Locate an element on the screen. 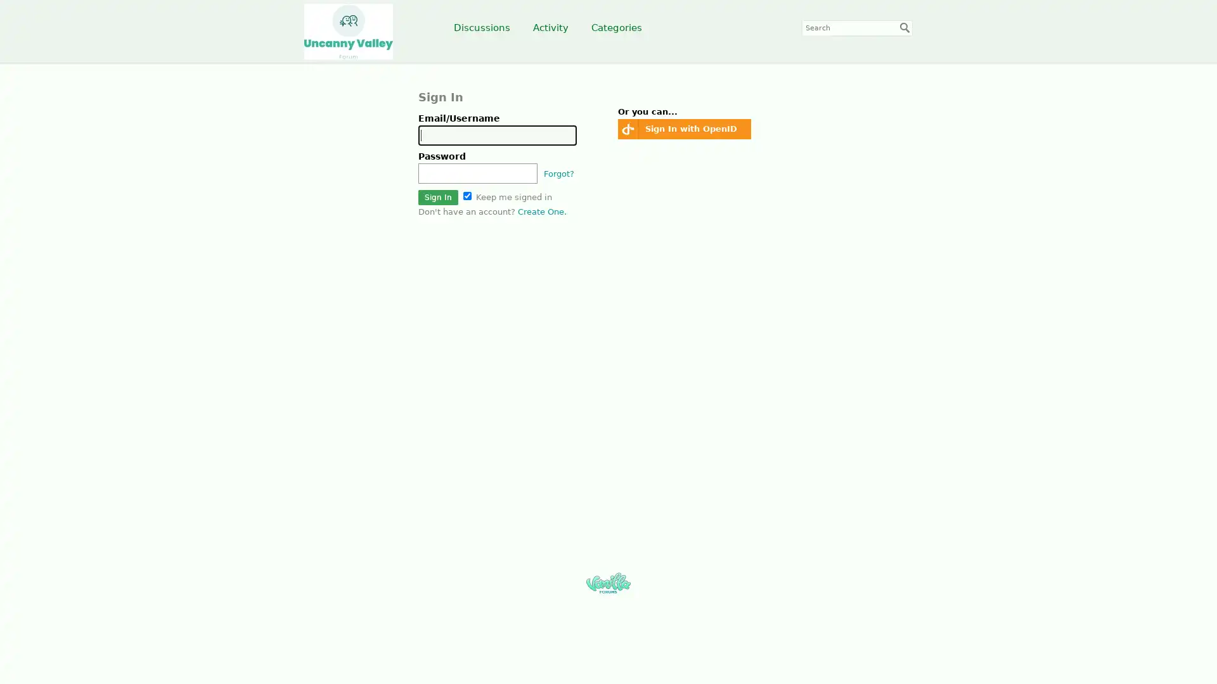 Image resolution: width=1217 pixels, height=684 pixels. Search is located at coordinates (905, 27).